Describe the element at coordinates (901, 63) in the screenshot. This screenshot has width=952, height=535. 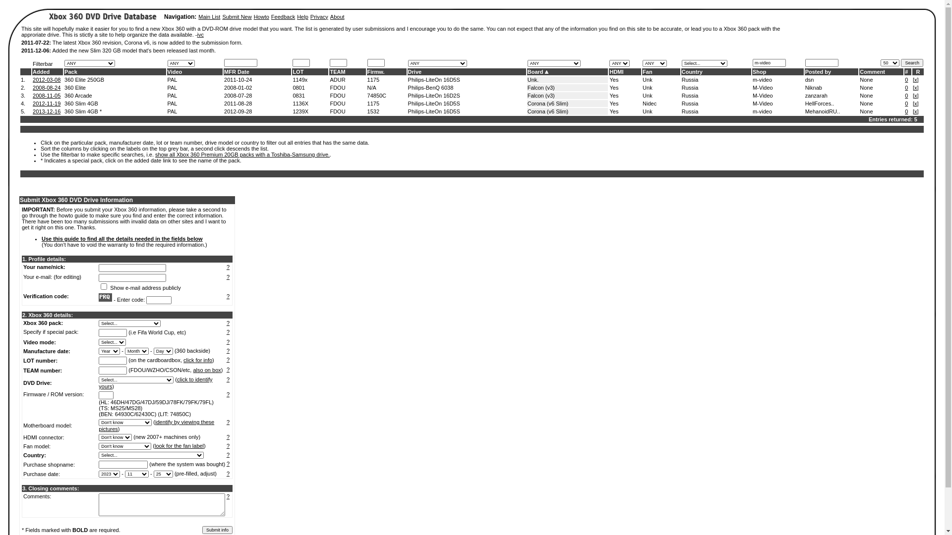
I see `'Search'` at that location.